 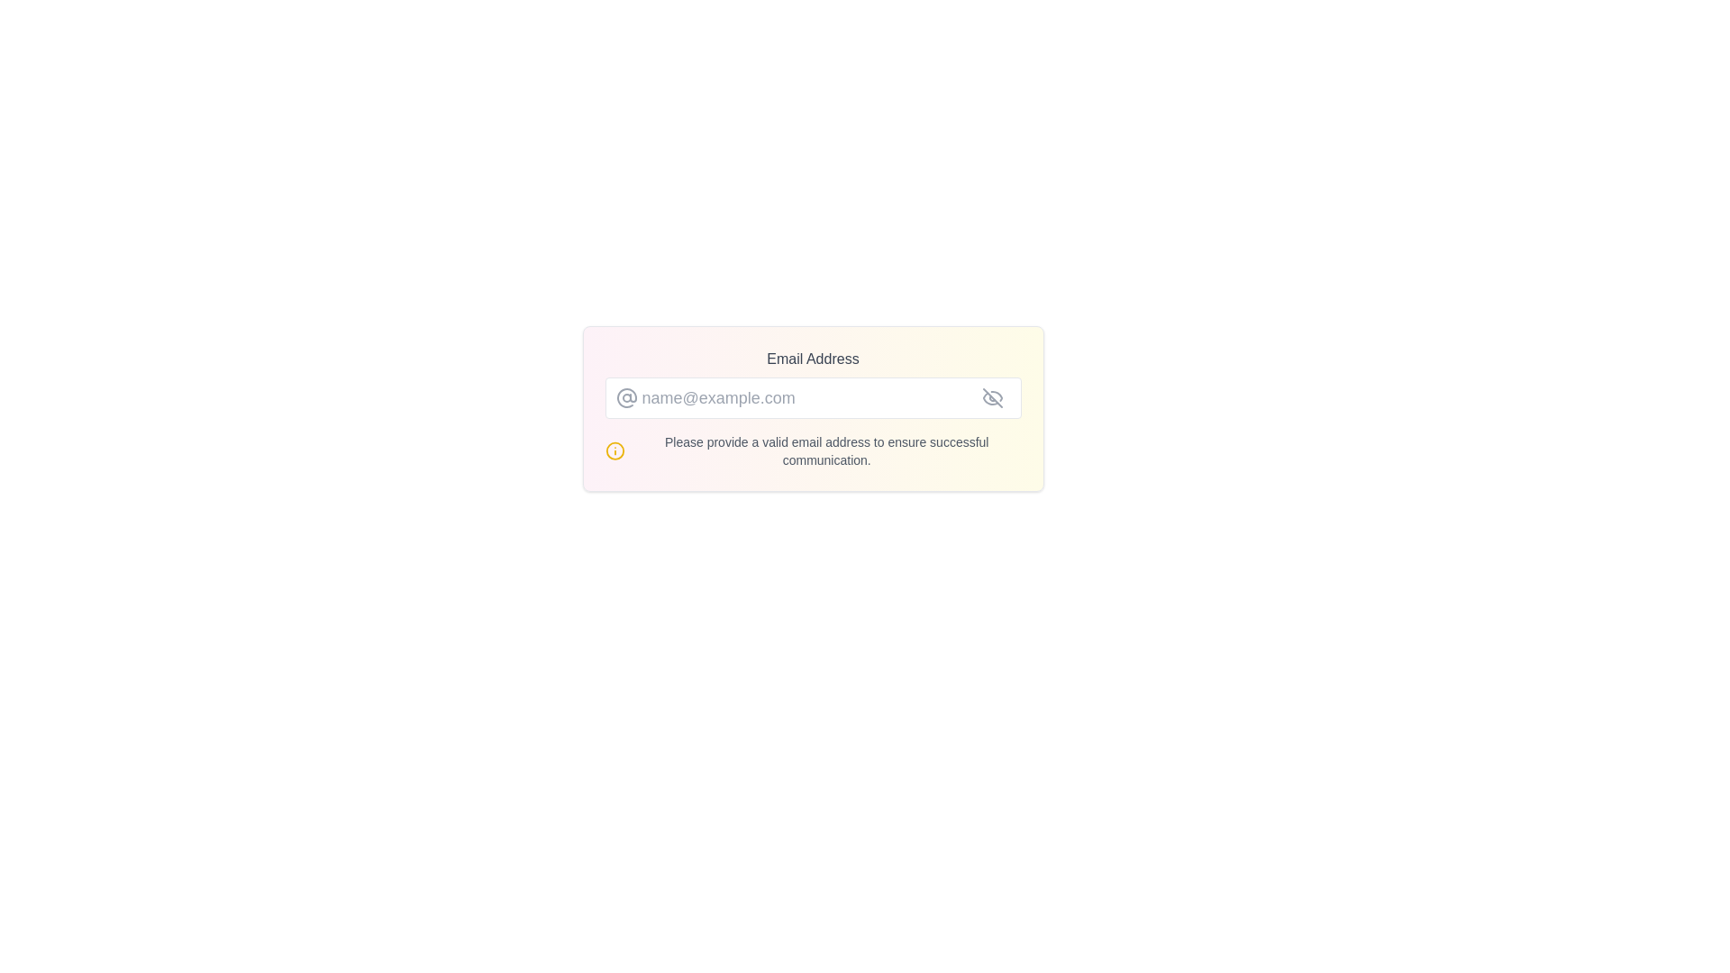 I want to click on the eye-off icon button on the far right side of the email address input field, so click(x=991, y=397).